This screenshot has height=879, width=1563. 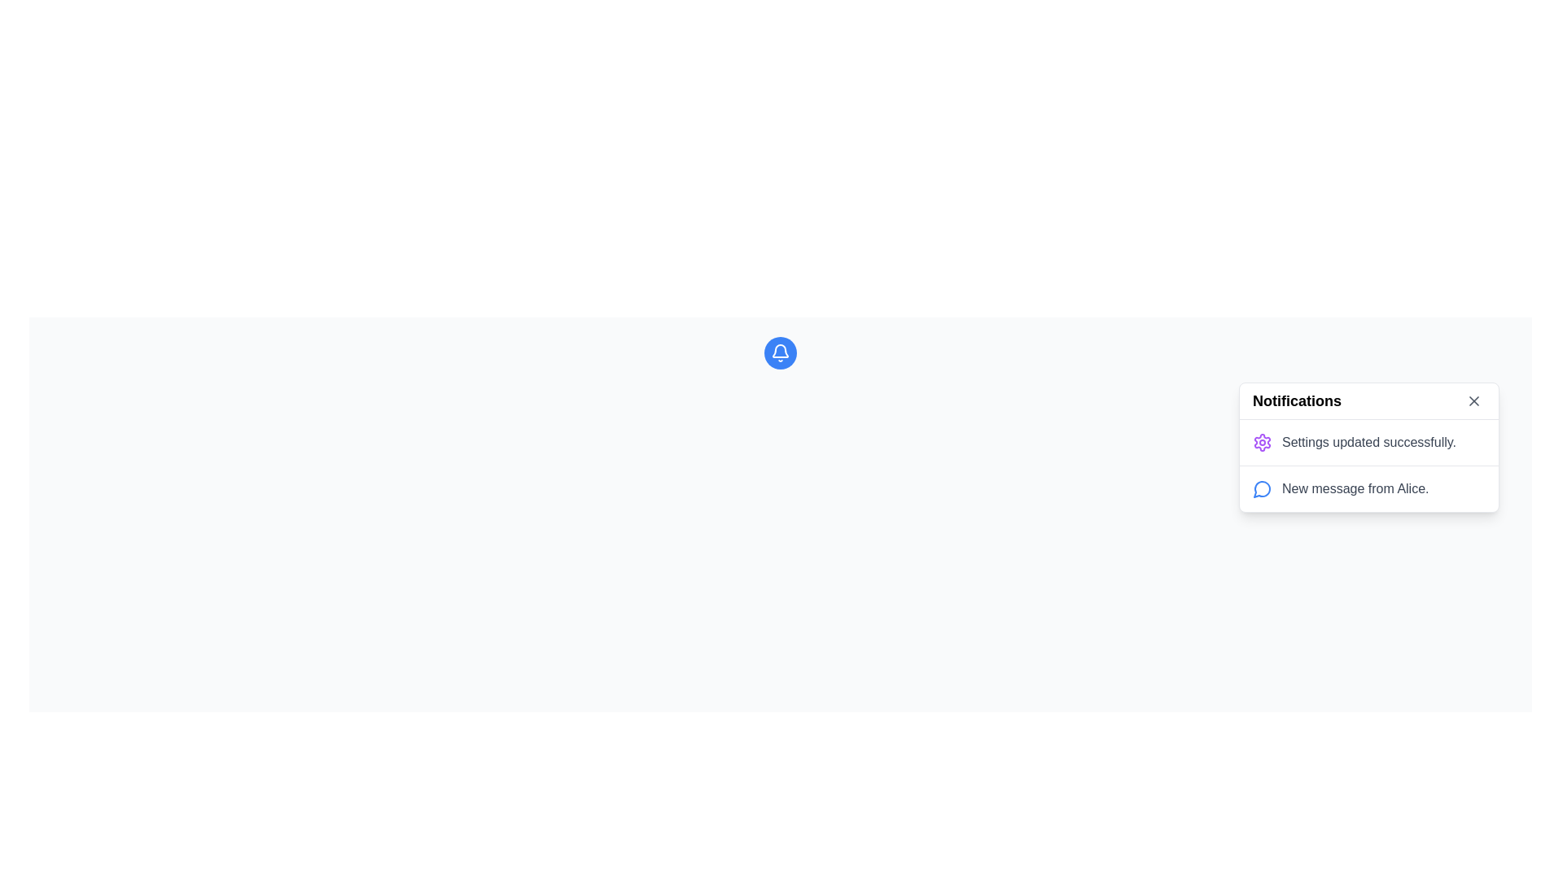 I want to click on displayed text in the Notification modal with a white background and rounded corners, which contains notifications such as 'Settings updated successfully.' and 'New message from Alice.', so click(x=1368, y=448).